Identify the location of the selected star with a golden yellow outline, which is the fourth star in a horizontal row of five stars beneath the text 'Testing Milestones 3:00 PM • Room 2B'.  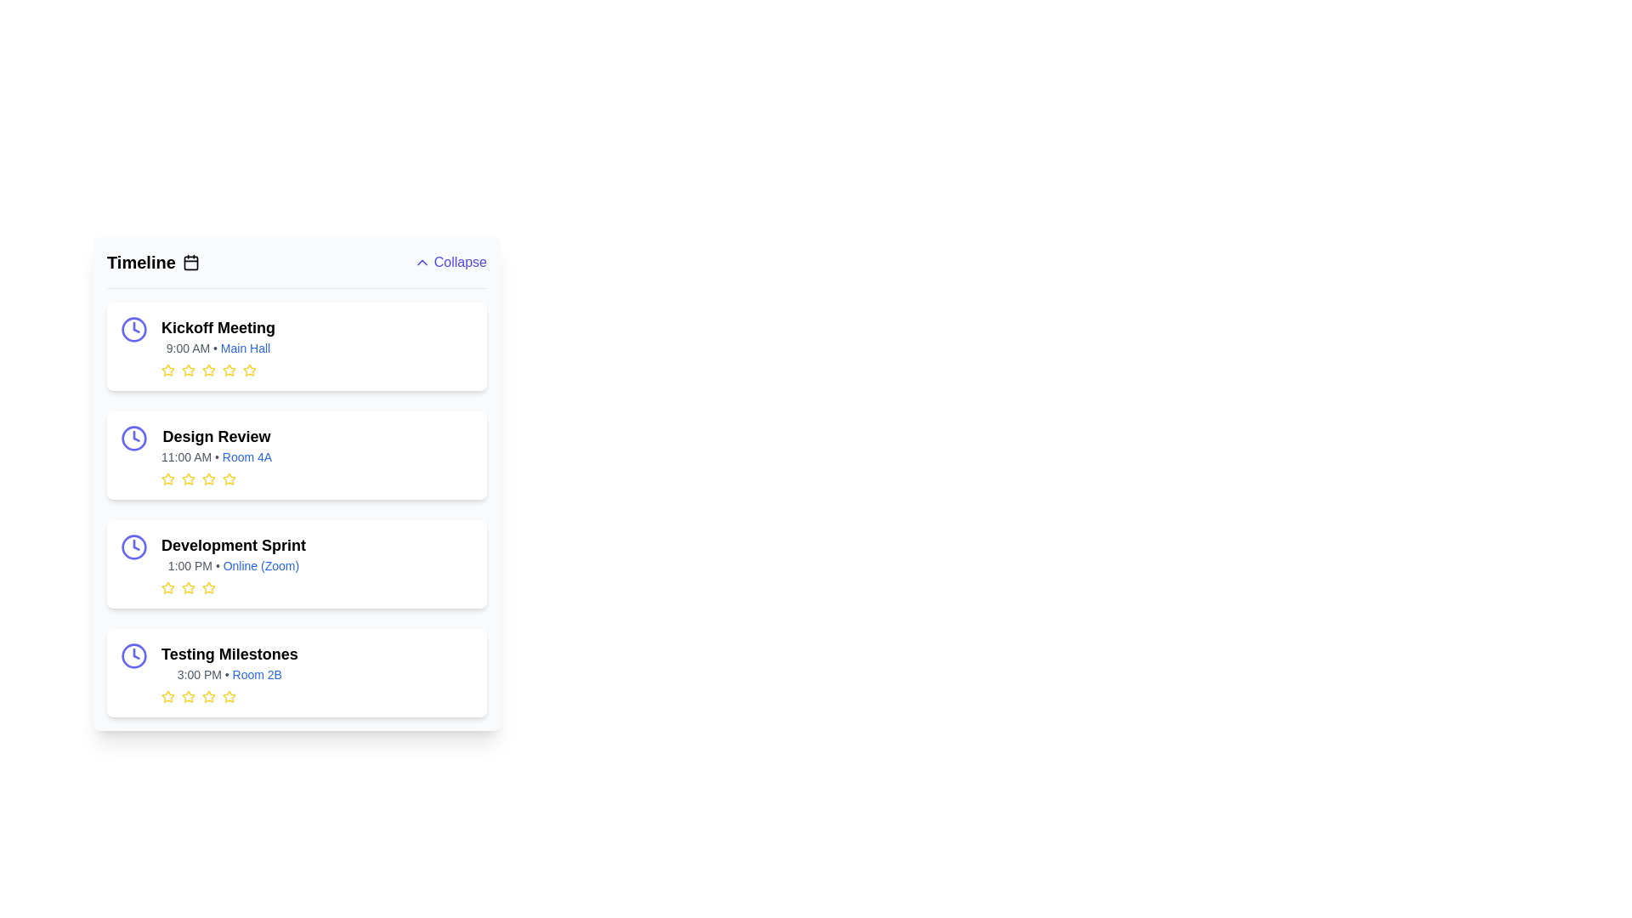
(229, 697).